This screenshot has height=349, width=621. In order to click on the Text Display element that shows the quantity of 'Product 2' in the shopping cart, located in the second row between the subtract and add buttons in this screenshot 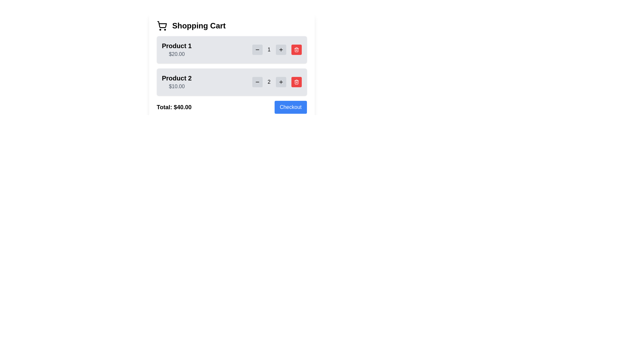, I will do `click(269, 82)`.